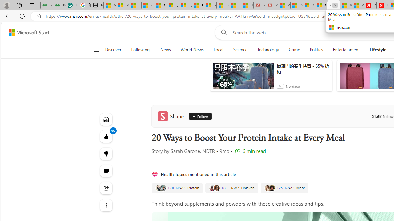 This screenshot has height=221, width=394. Describe the element at coordinates (223, 32) in the screenshot. I see `'Web search'` at that location.